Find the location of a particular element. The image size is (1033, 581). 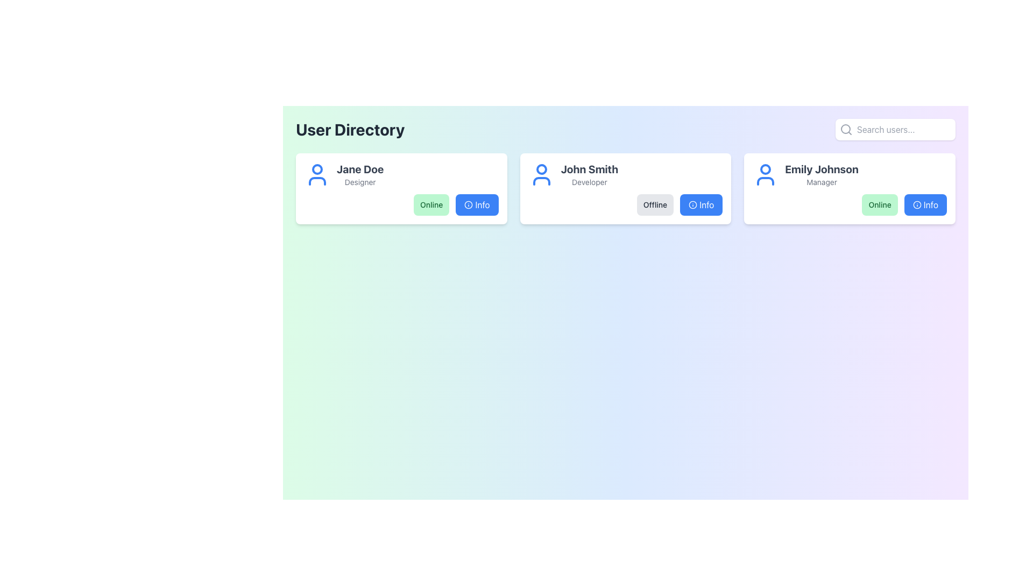

the text block containing 'John Smith' and 'Developer' in the second user card of the user directory interface is located at coordinates (589, 174).